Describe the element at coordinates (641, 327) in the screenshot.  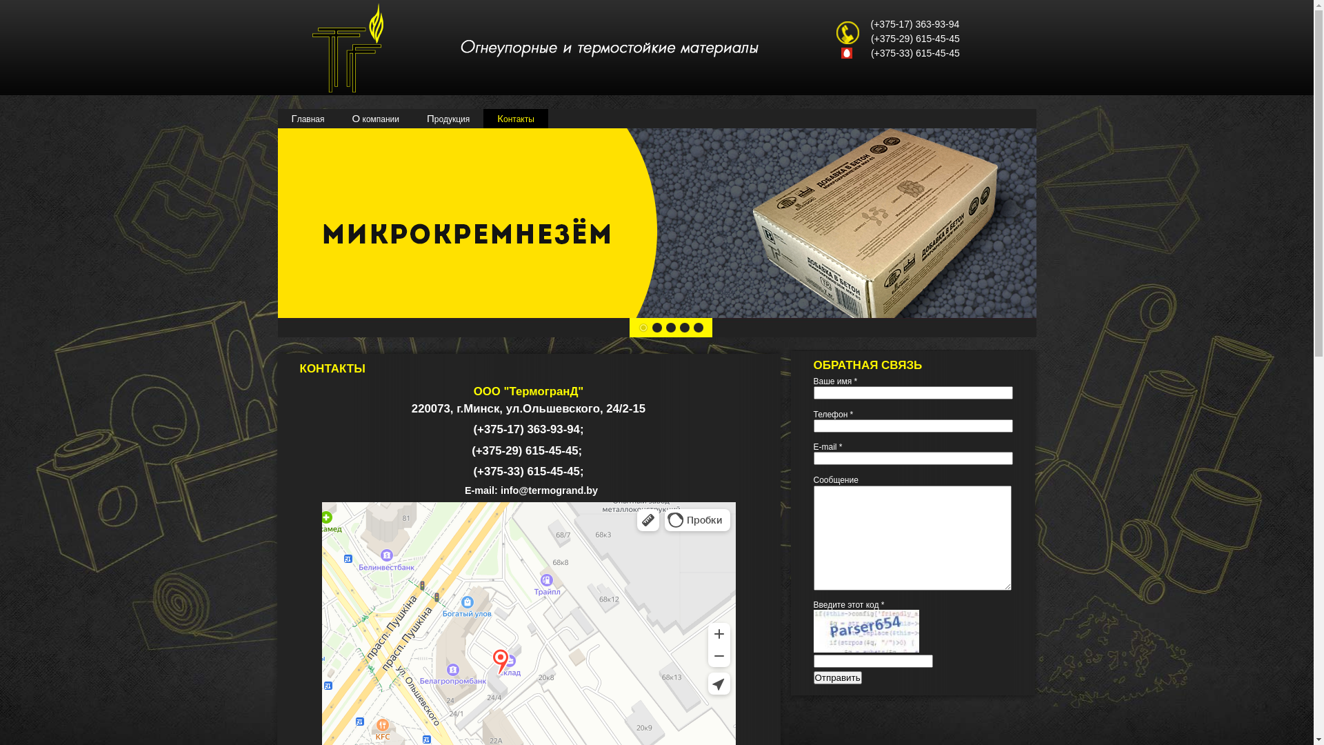
I see `'1'` at that location.